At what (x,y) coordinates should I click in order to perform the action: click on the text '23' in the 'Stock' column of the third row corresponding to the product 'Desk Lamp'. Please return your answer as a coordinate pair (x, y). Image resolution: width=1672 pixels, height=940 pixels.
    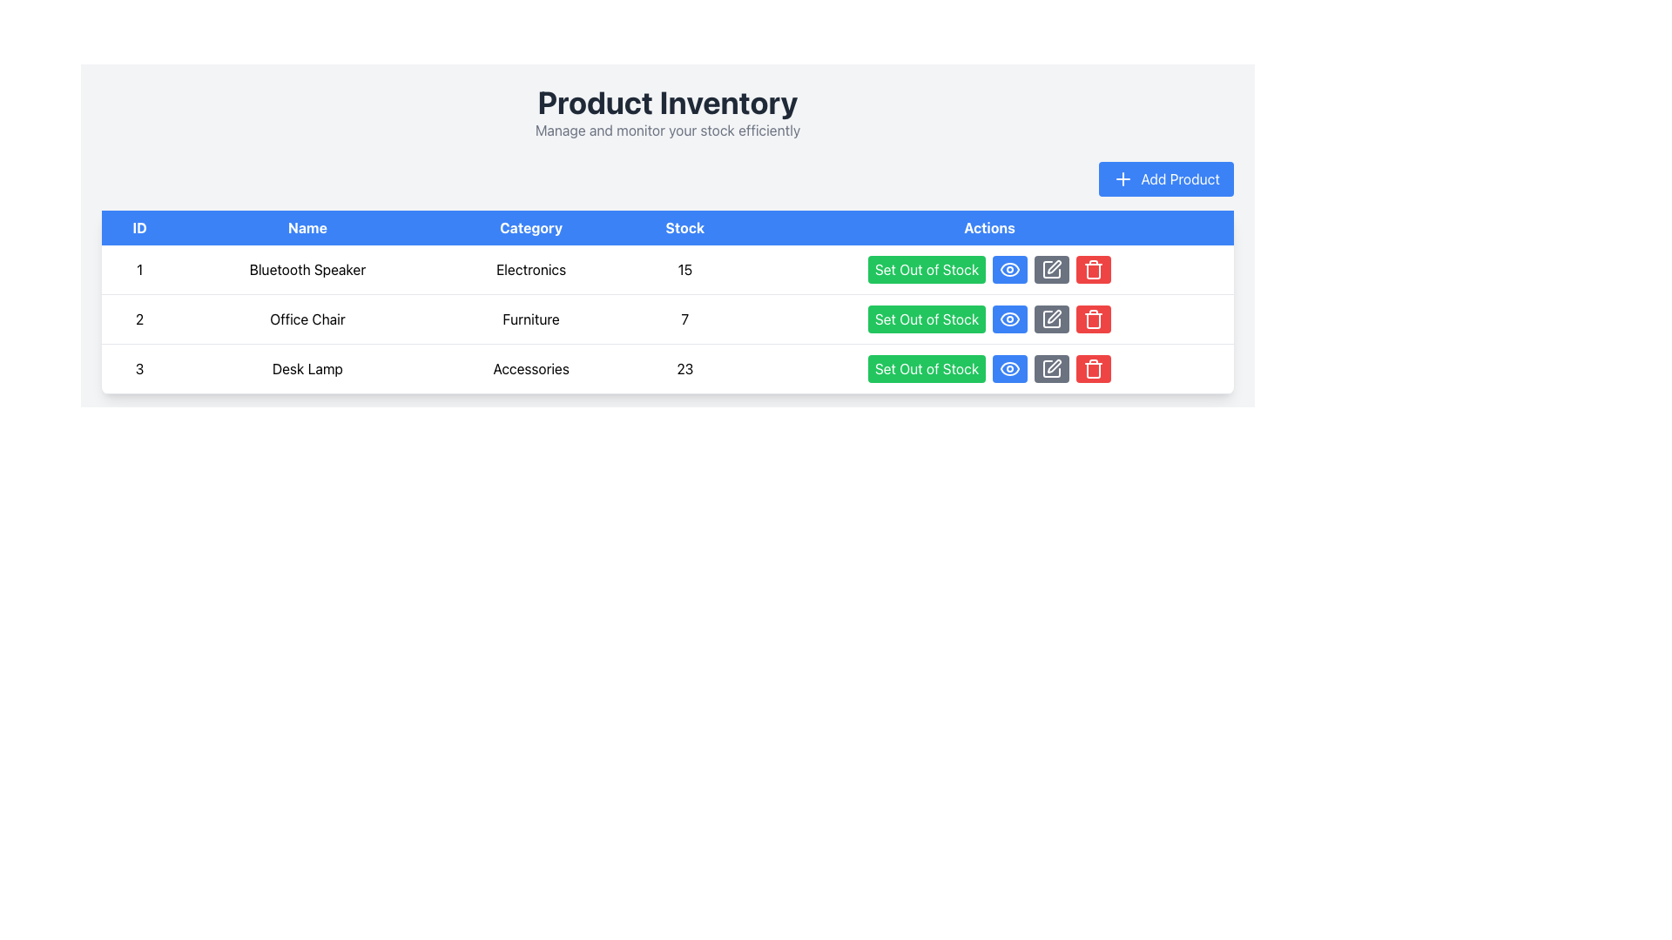
    Looking at the image, I should click on (684, 368).